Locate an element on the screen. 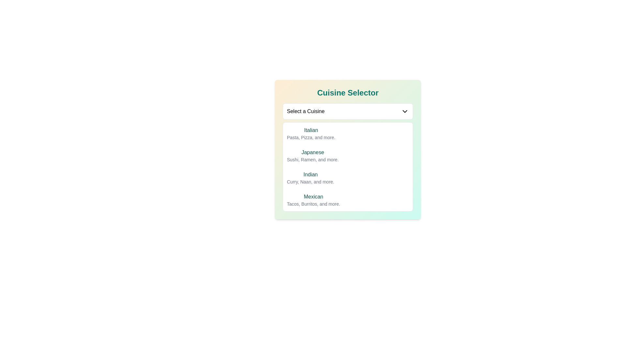 Image resolution: width=626 pixels, height=352 pixels. the chevron-down icon adjacent to the 'Select a Cuisine' text in the 'Cuisine Selector' interface is located at coordinates (405, 111).